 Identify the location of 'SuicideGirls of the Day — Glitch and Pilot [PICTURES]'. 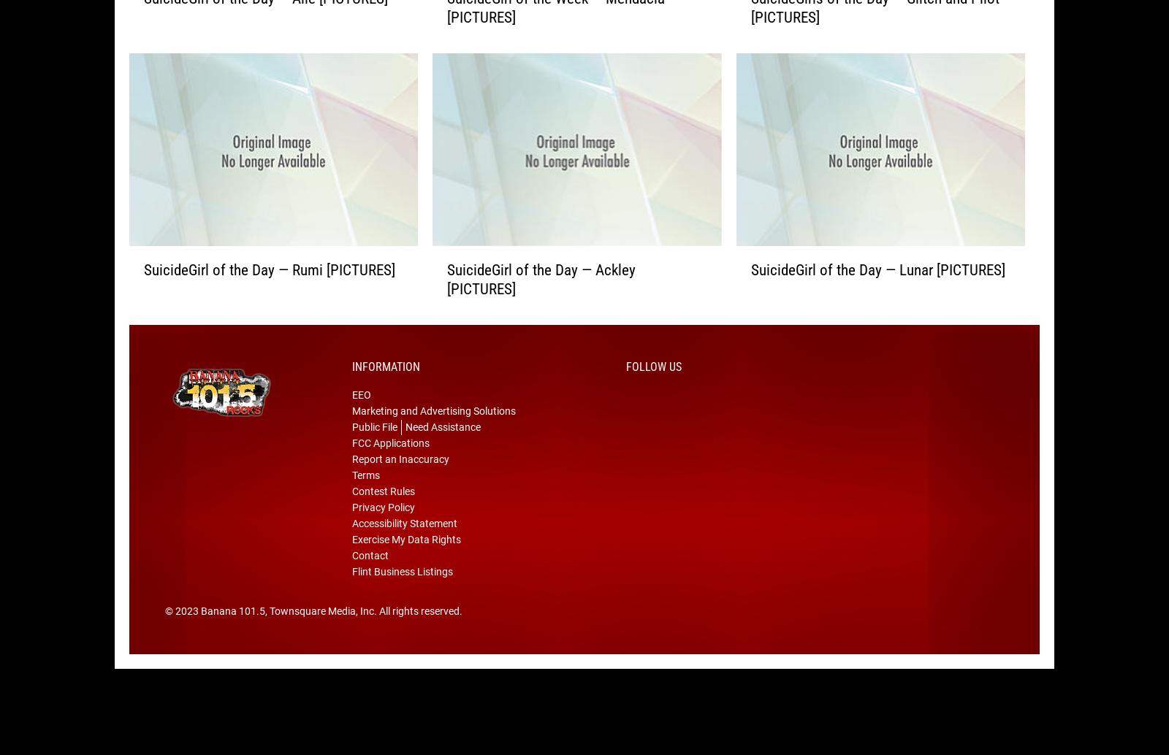
(874, 31).